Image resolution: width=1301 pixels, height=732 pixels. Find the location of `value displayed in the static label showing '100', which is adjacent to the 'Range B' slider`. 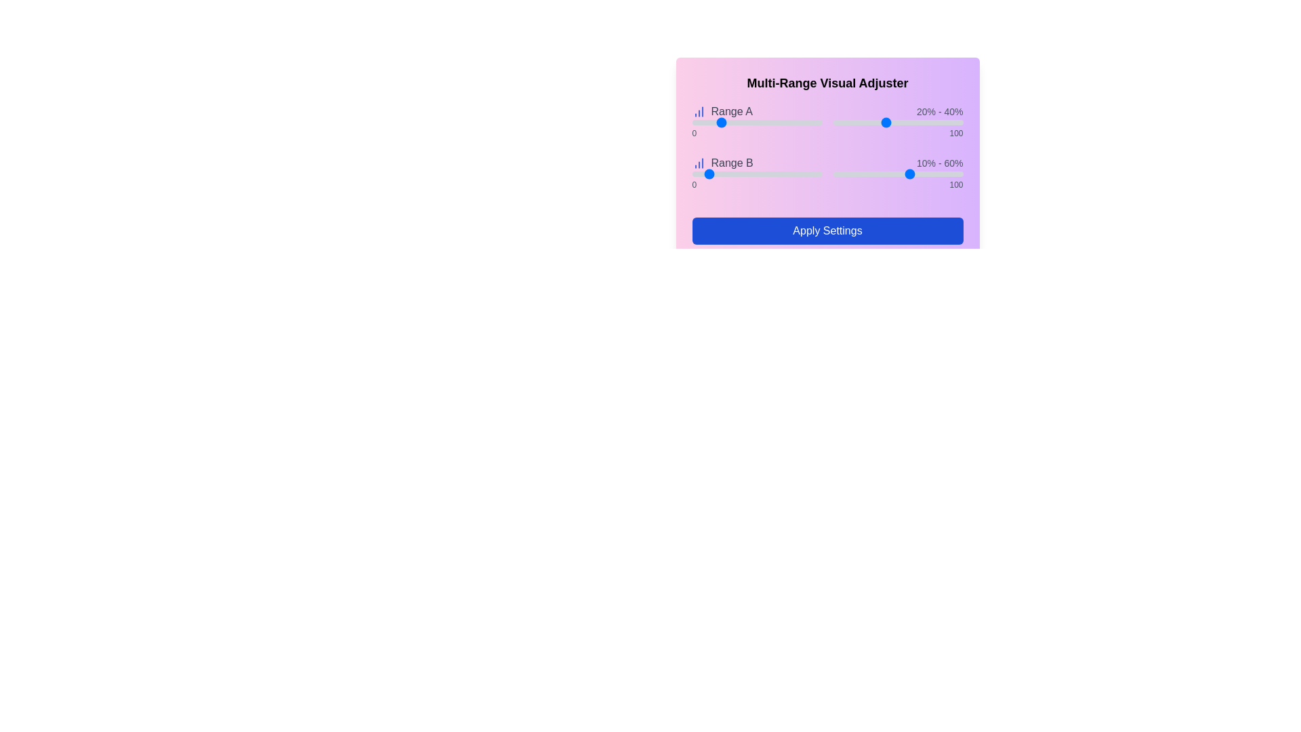

value displayed in the static label showing '100', which is adjacent to the 'Range B' slider is located at coordinates (955, 133).